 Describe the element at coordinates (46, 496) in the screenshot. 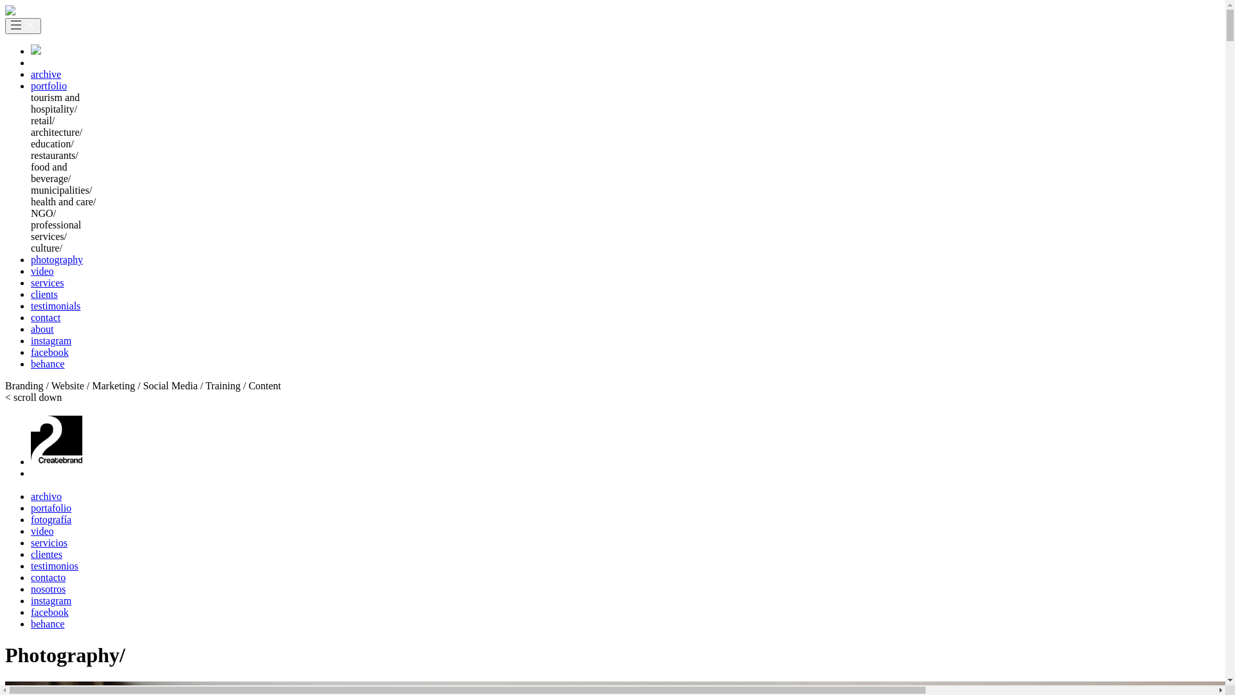

I see `'archivo'` at that location.